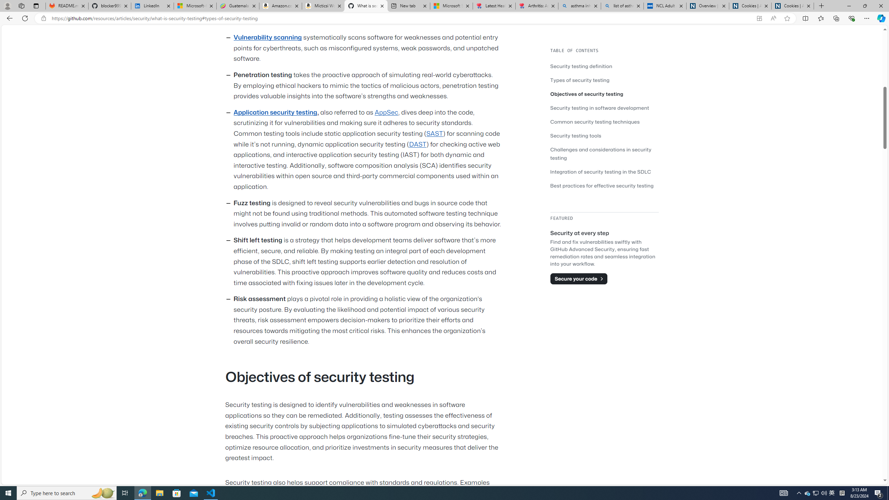  What do you see at coordinates (604, 66) in the screenshot?
I see `'Security testing definition'` at bounding box center [604, 66].